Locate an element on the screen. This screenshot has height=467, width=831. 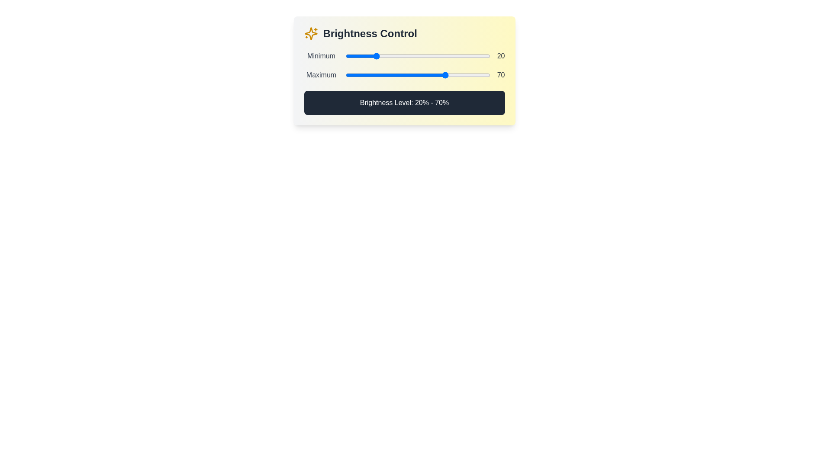
the minimum brightness level to 28% by interacting with the first slider is located at coordinates (386, 56).